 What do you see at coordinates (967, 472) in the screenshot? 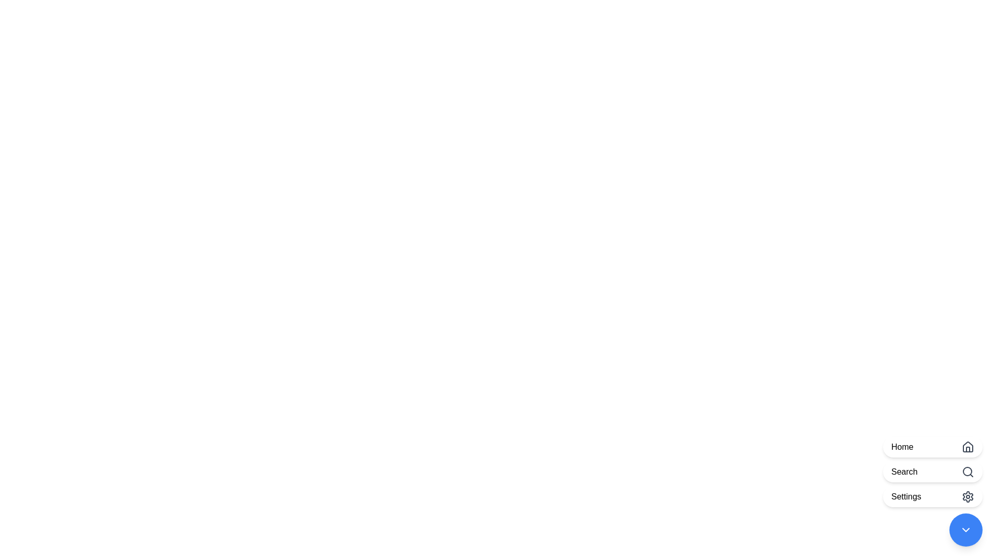
I see `the magnifying glass icon located to the right of the Search label` at bounding box center [967, 472].